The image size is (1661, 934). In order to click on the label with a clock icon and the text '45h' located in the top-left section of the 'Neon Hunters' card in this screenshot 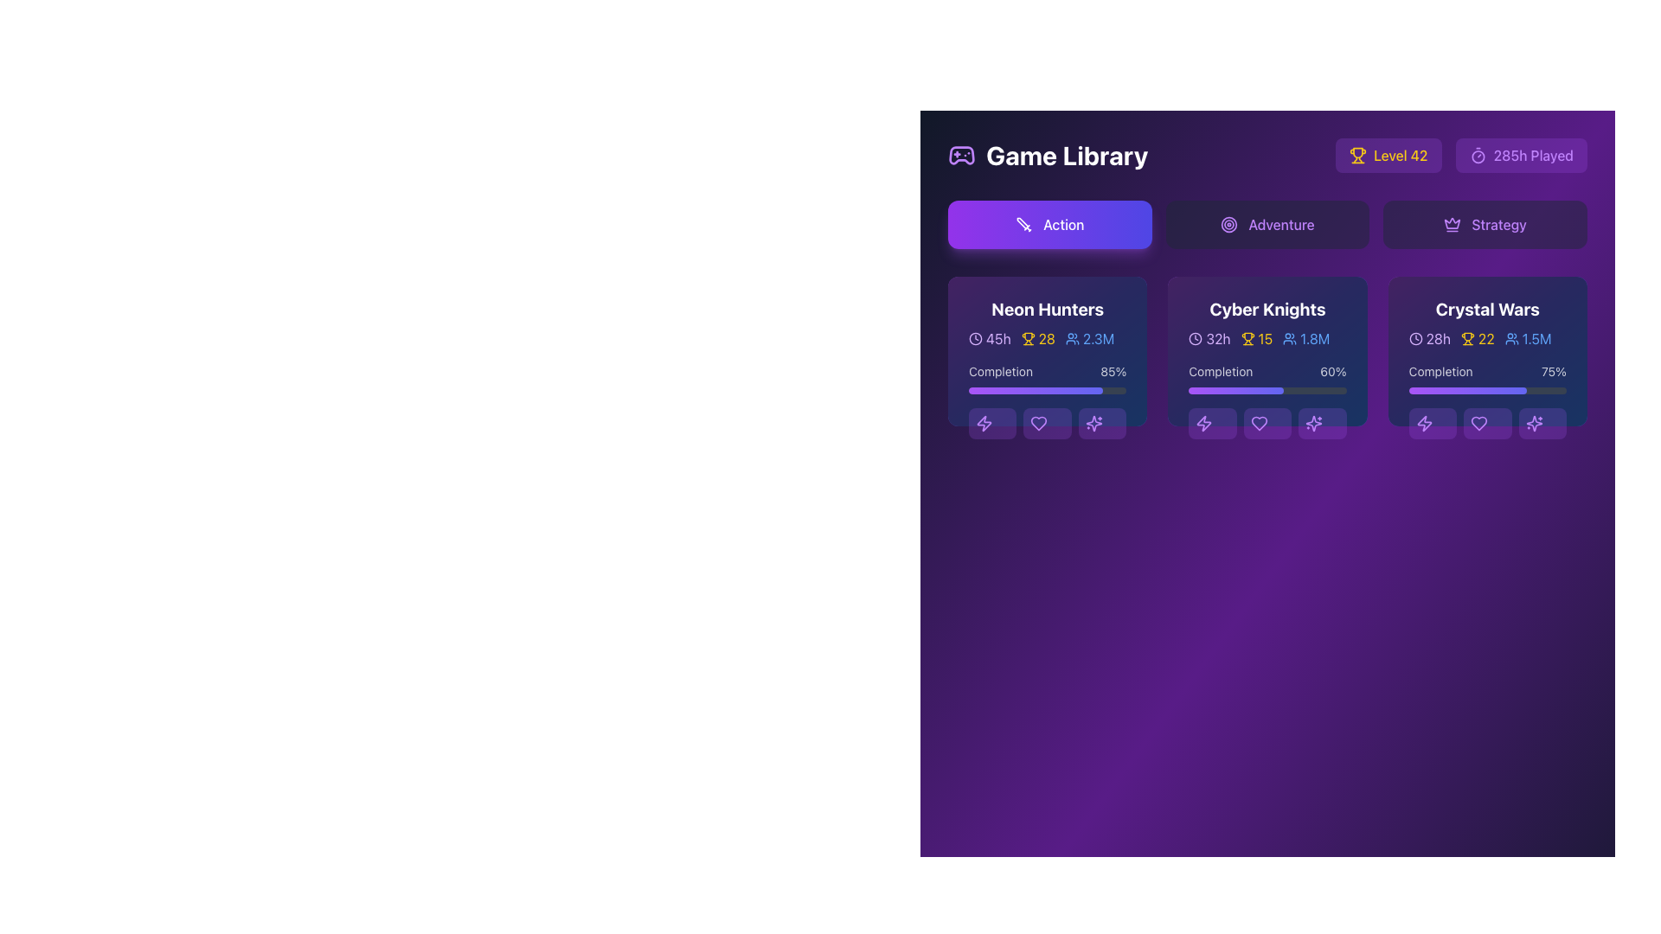, I will do `click(990, 339)`.